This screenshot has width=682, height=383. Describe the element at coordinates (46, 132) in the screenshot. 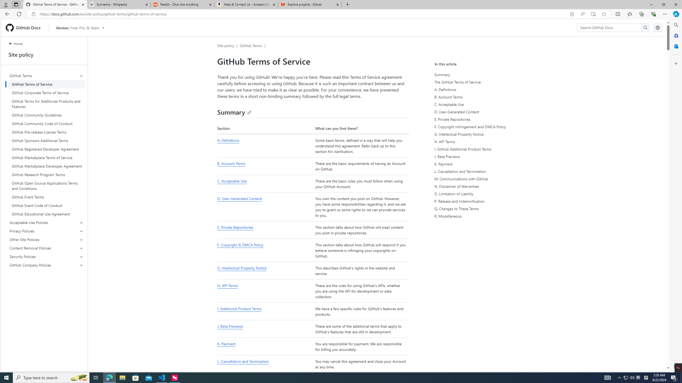

I see `'GitHub Pre-release License Terms'` at that location.